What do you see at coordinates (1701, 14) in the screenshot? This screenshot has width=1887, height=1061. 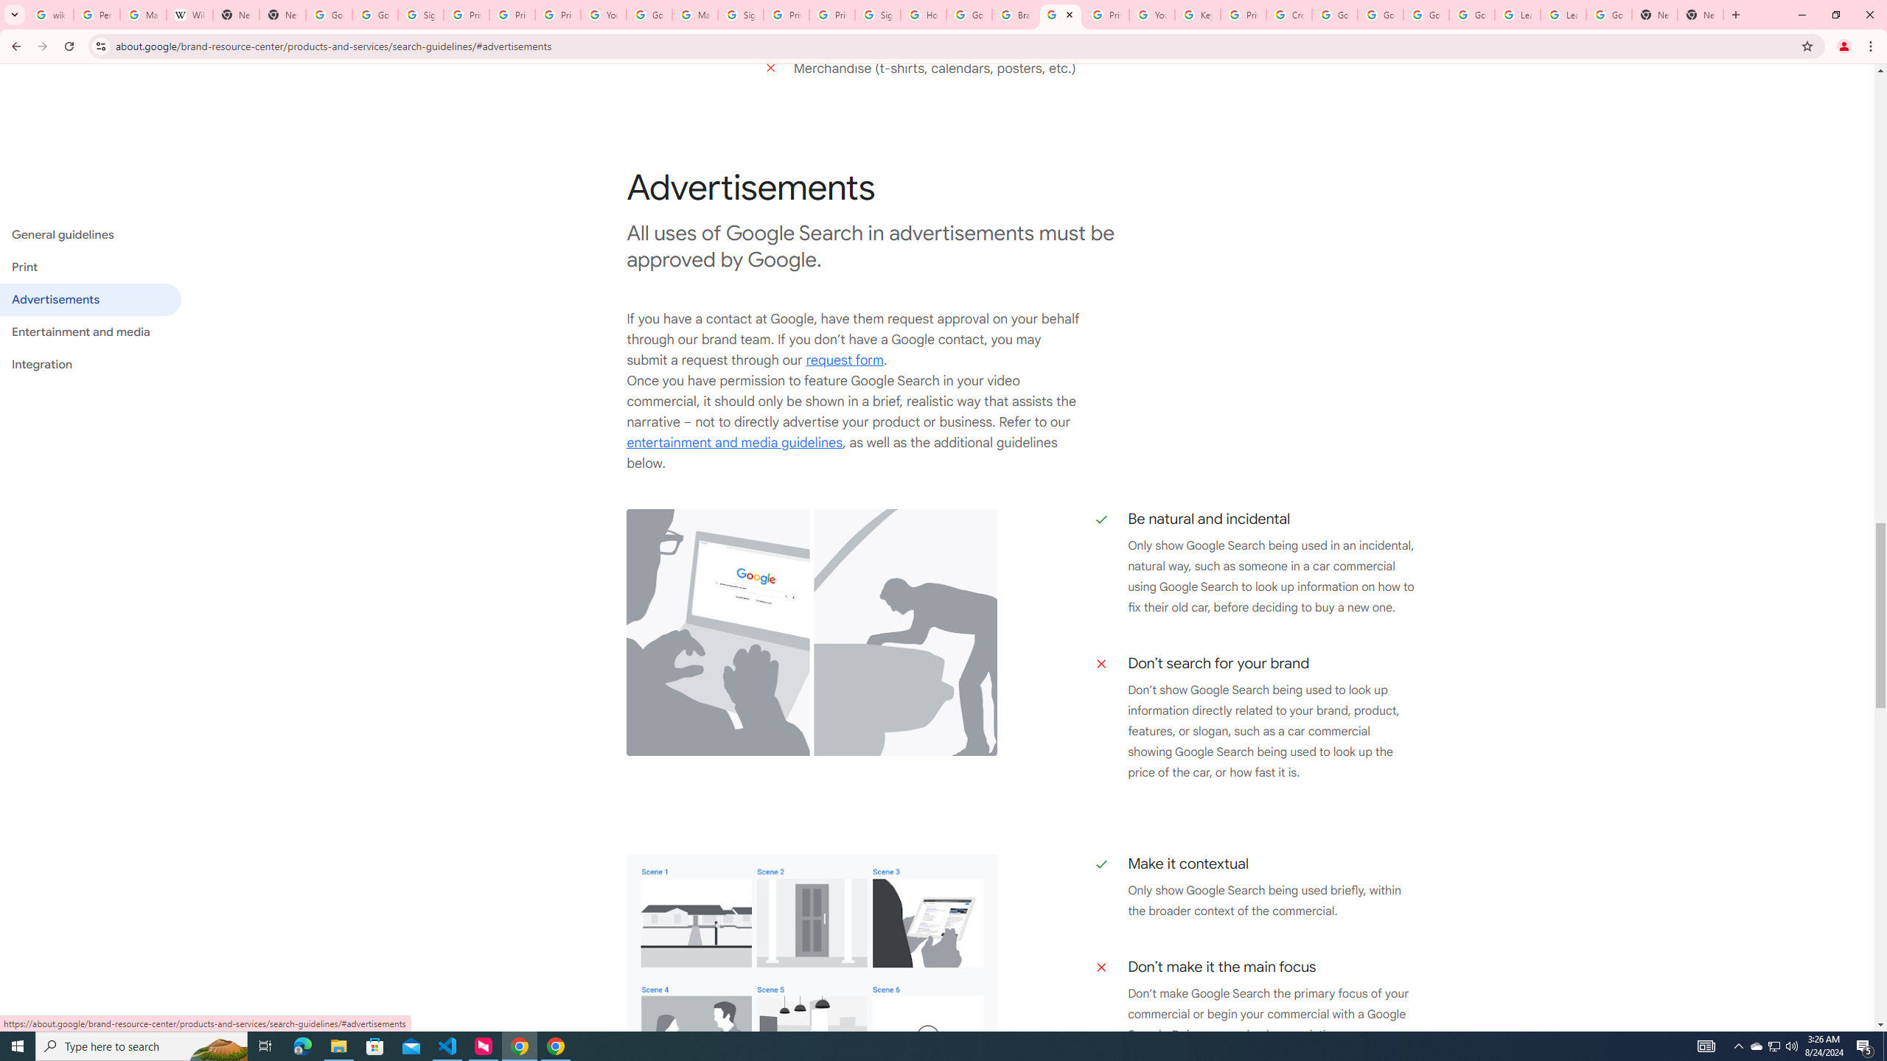 I see `'New Tab'` at bounding box center [1701, 14].